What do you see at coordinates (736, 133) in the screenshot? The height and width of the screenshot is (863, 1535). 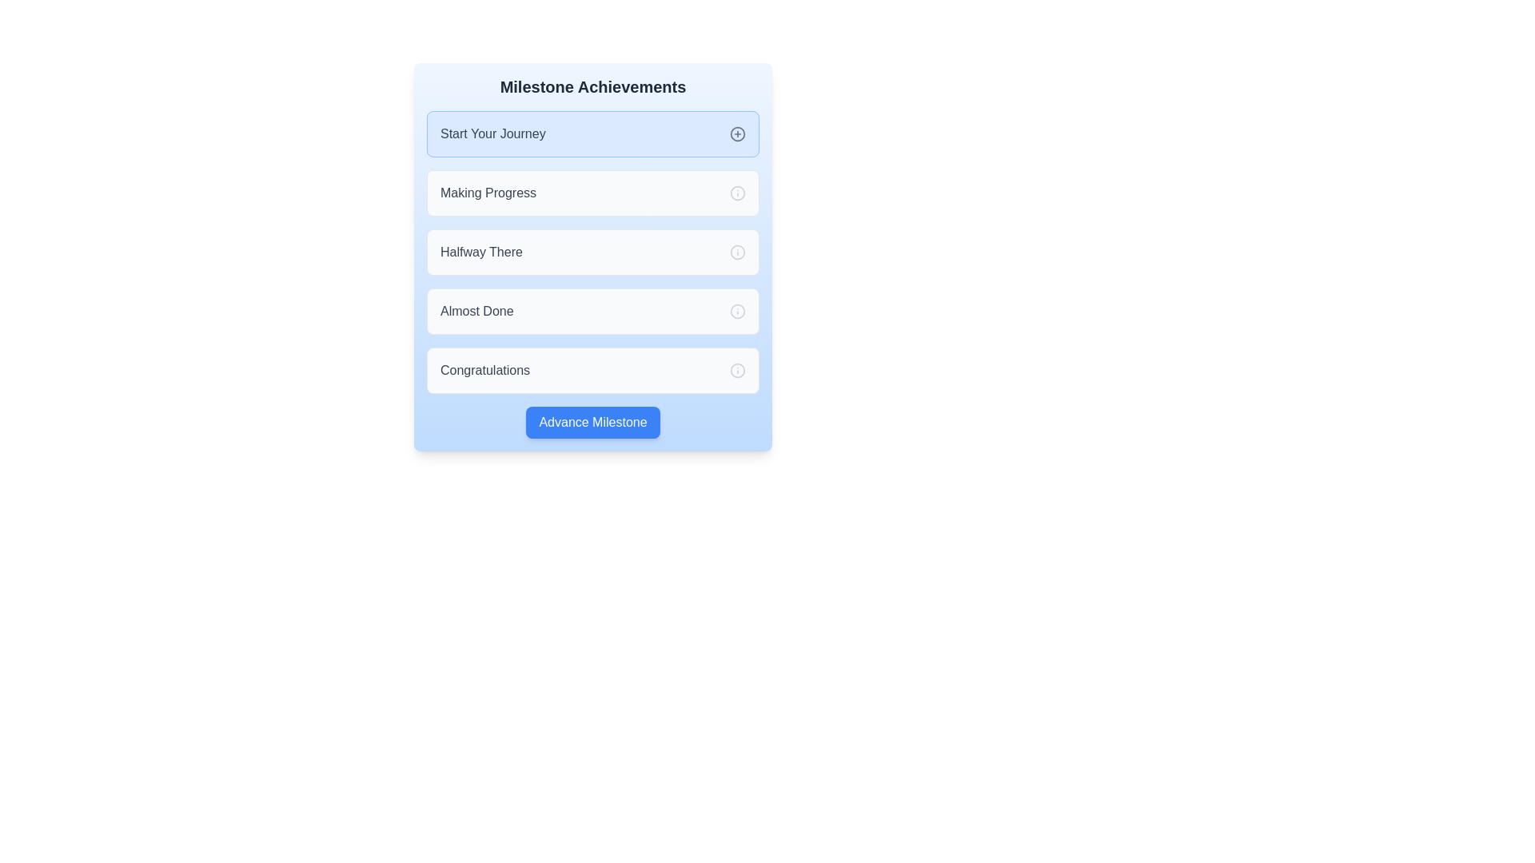 I see `the interactive button (plus icon) located on the right side of the 'Start Your Journey' text` at bounding box center [736, 133].